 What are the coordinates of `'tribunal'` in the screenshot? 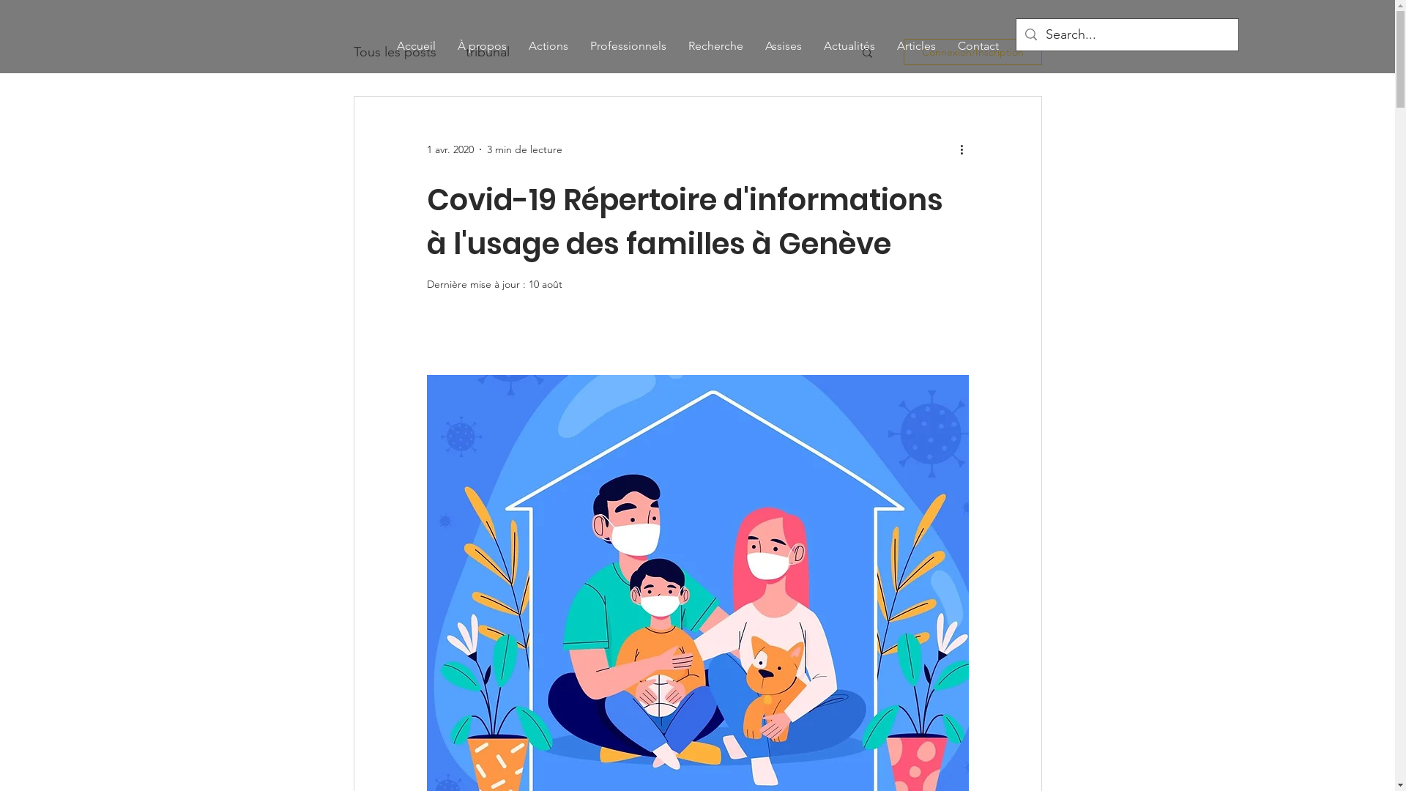 It's located at (488, 51).